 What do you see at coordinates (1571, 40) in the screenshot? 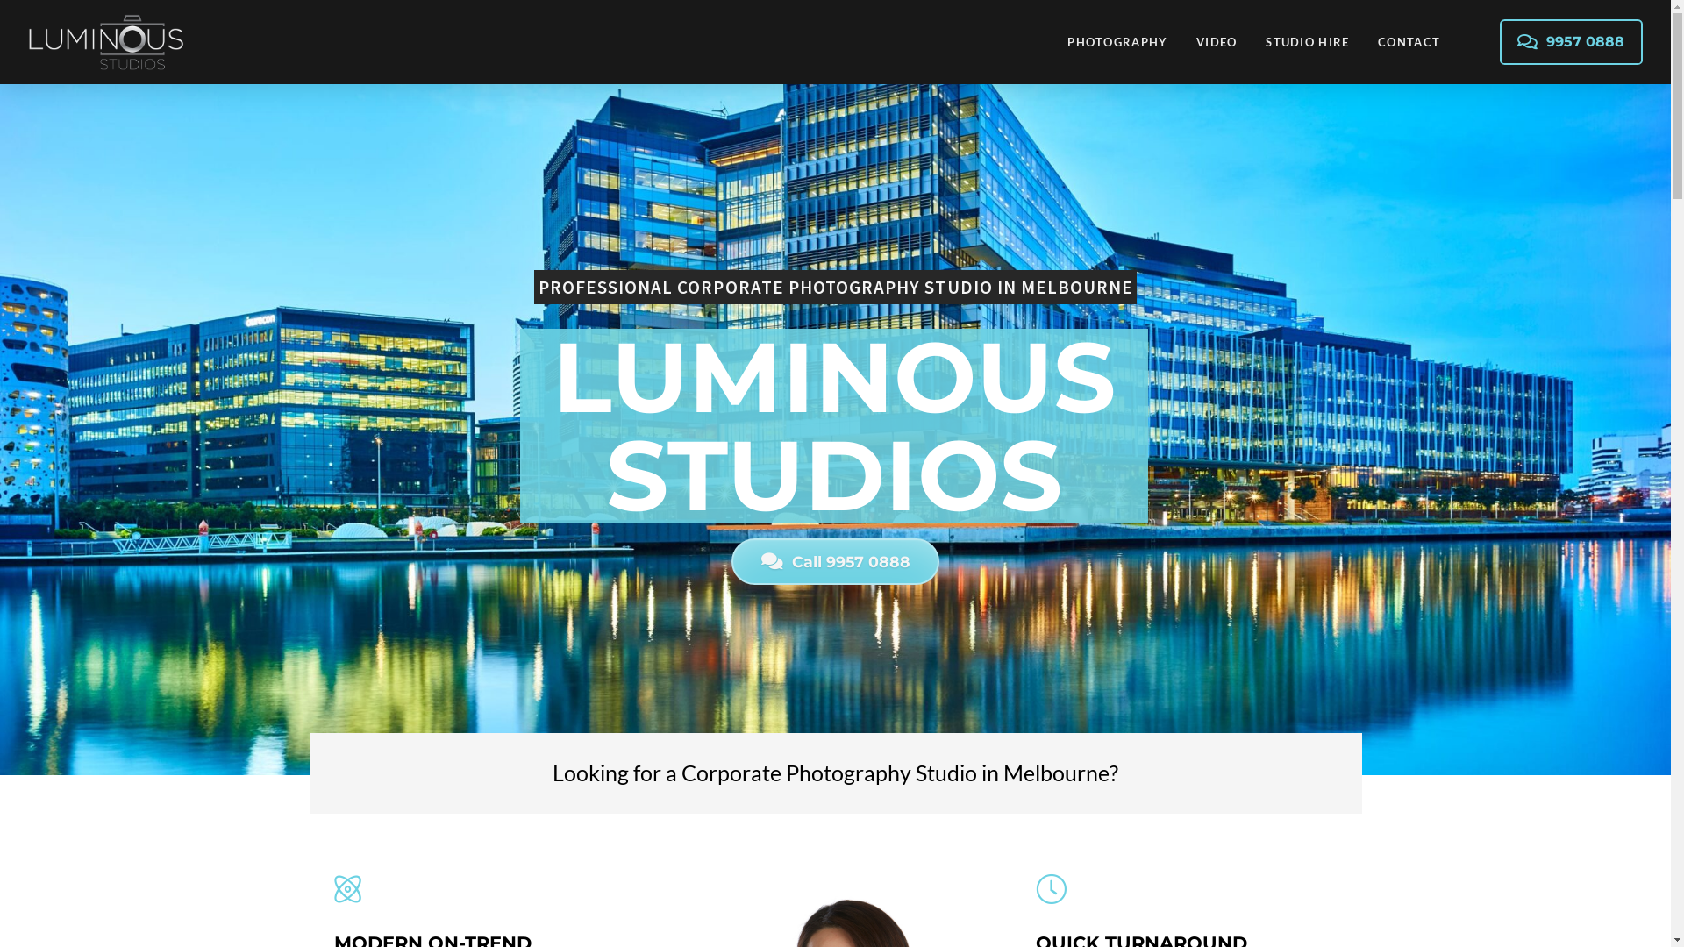
I see `'9957 0888'` at bounding box center [1571, 40].